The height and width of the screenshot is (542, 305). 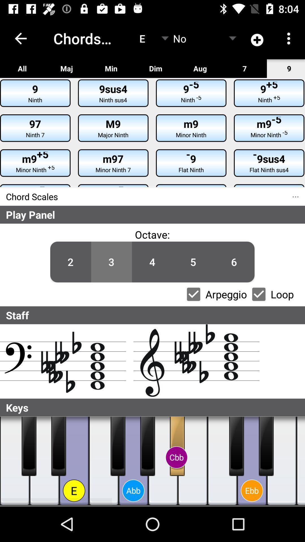 I want to click on key, so click(x=14, y=461).